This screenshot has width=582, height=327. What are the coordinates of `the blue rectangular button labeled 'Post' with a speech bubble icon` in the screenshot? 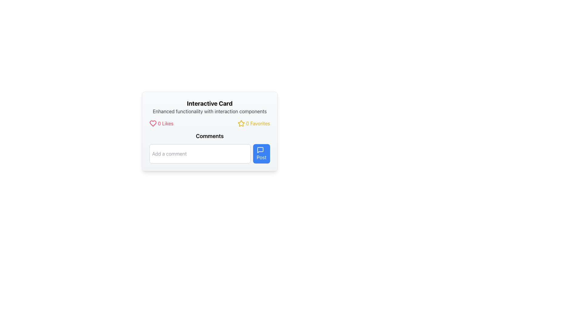 It's located at (261, 154).